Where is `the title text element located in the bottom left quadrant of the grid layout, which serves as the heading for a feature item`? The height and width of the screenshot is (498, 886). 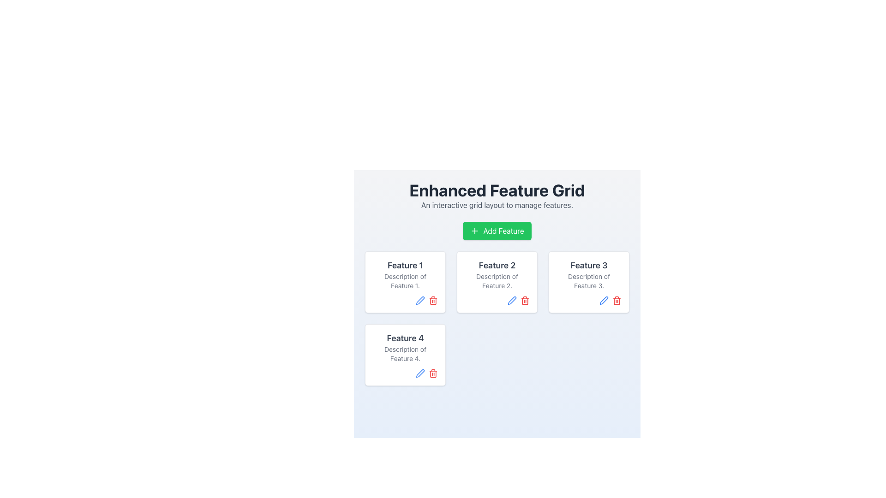 the title text element located in the bottom left quadrant of the grid layout, which serves as the heading for a feature item is located at coordinates (405, 338).